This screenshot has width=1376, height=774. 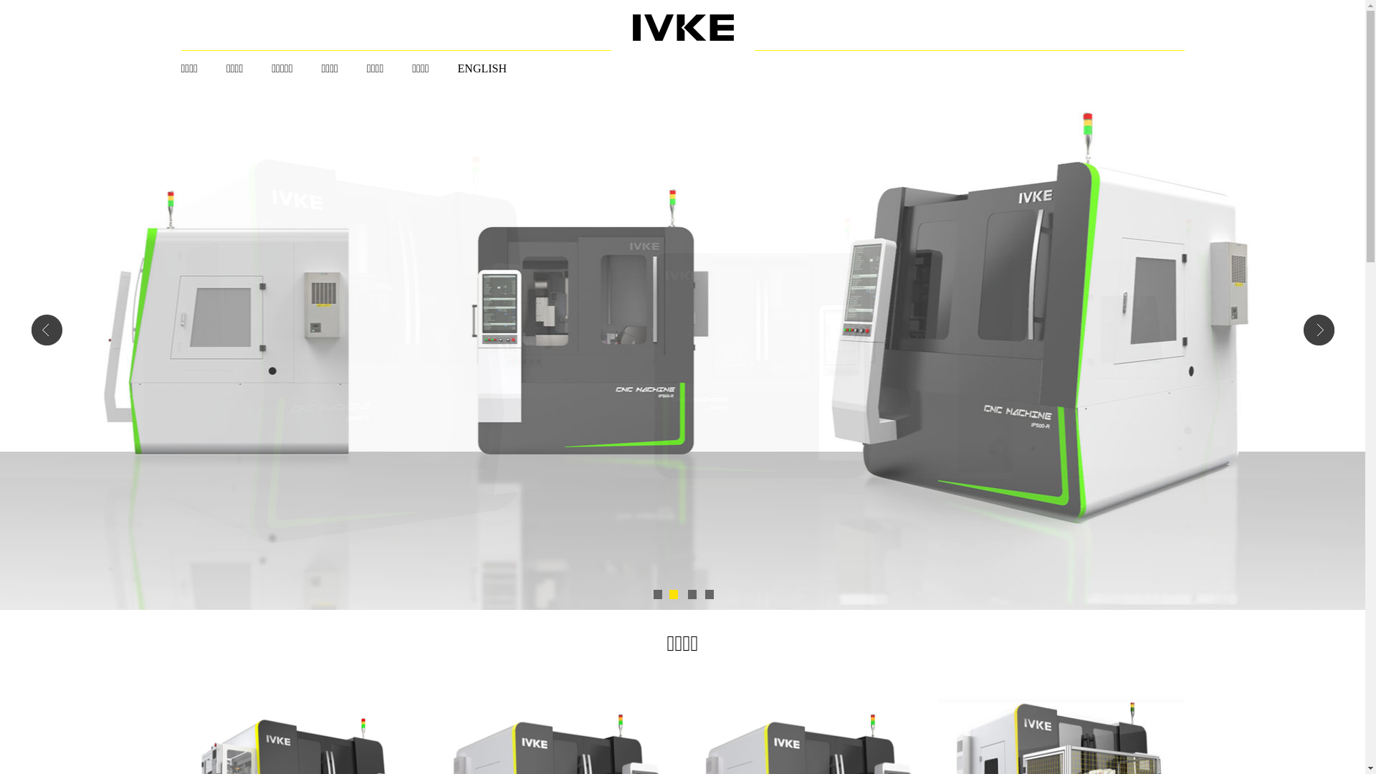 What do you see at coordinates (708, 594) in the screenshot?
I see `'4'` at bounding box center [708, 594].